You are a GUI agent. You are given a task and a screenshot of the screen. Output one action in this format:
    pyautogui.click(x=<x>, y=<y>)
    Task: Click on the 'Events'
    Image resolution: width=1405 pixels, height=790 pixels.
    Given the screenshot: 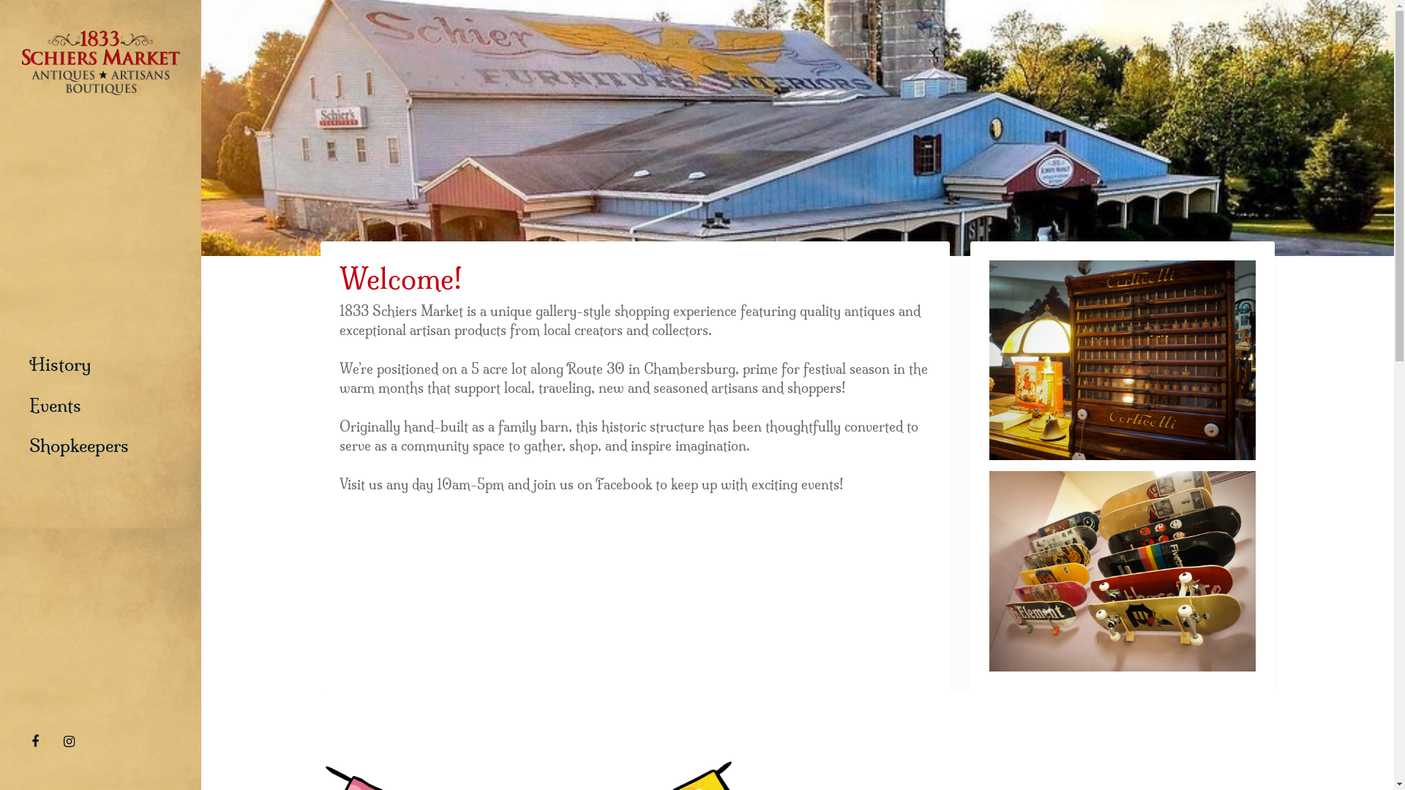 What is the action you would take?
    pyautogui.click(x=55, y=406)
    